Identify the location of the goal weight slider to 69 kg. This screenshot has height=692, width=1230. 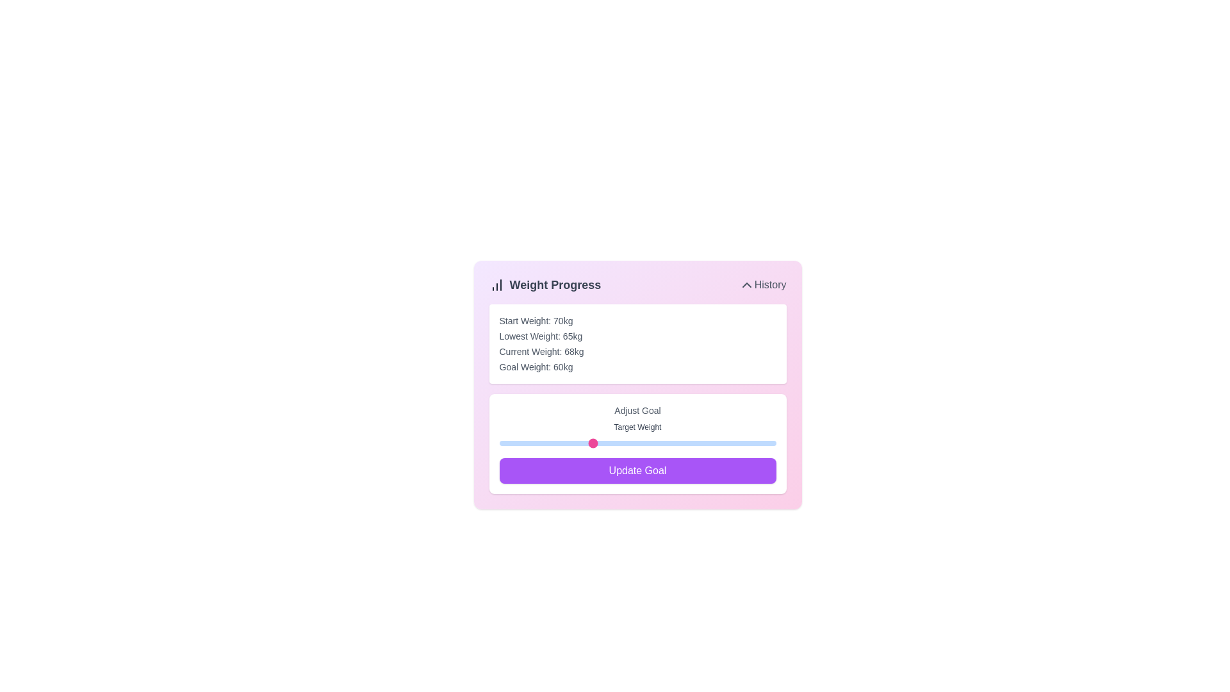
(674, 442).